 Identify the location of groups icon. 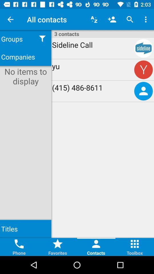
(17, 39).